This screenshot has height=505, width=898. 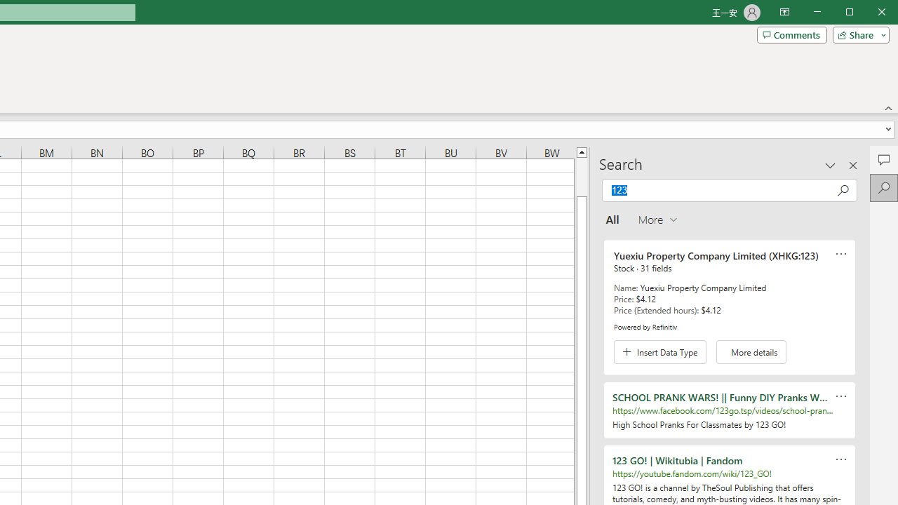 I want to click on 'Comments', so click(x=791, y=34).